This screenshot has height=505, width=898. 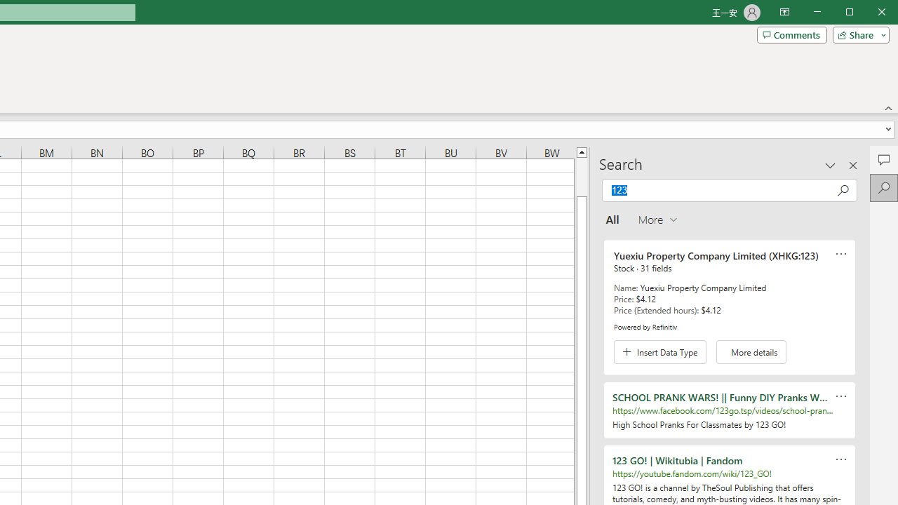 I want to click on 'Comments', so click(x=791, y=34).